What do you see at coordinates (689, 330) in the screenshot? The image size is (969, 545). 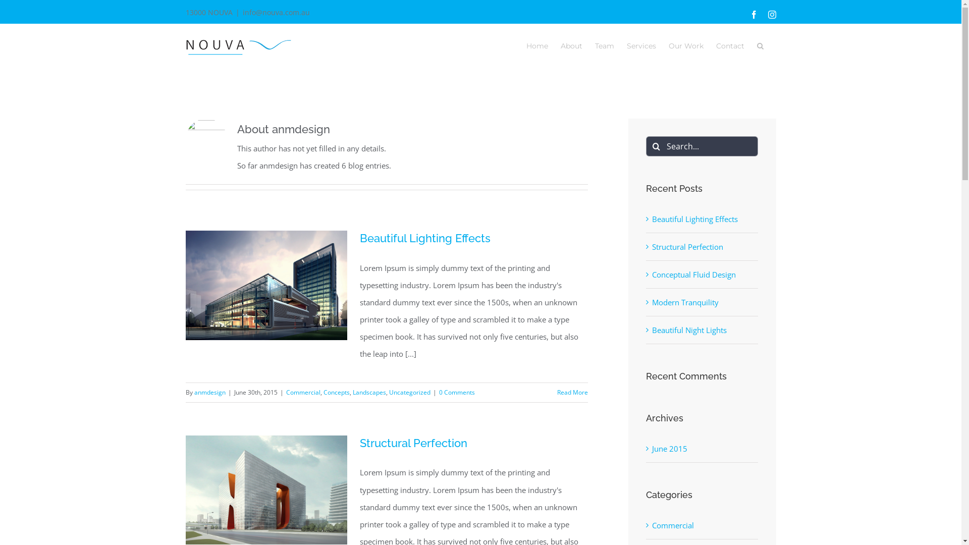 I see `'Beautiful Night Lights'` at bounding box center [689, 330].